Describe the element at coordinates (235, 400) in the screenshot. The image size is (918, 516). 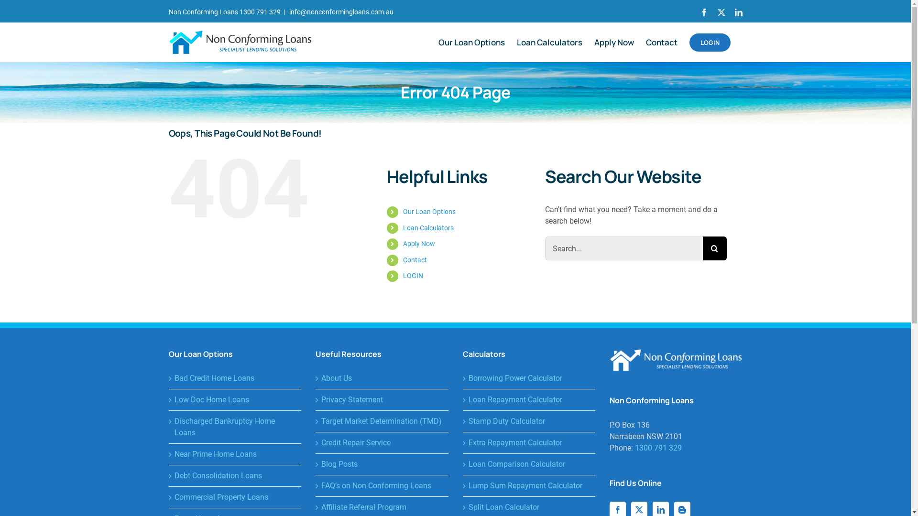
I see `'Low Doc Home Loans'` at that location.